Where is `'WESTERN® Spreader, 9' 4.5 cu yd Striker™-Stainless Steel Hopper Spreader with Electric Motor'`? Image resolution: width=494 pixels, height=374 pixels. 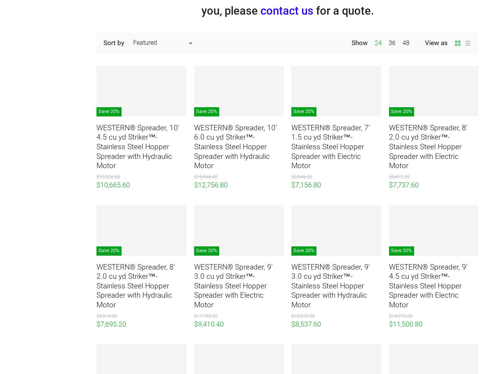
'WESTERN® Spreader, 9' 4.5 cu yd Striker™-Stainless Steel Hopper Spreader with Electric Motor' is located at coordinates (427, 285).